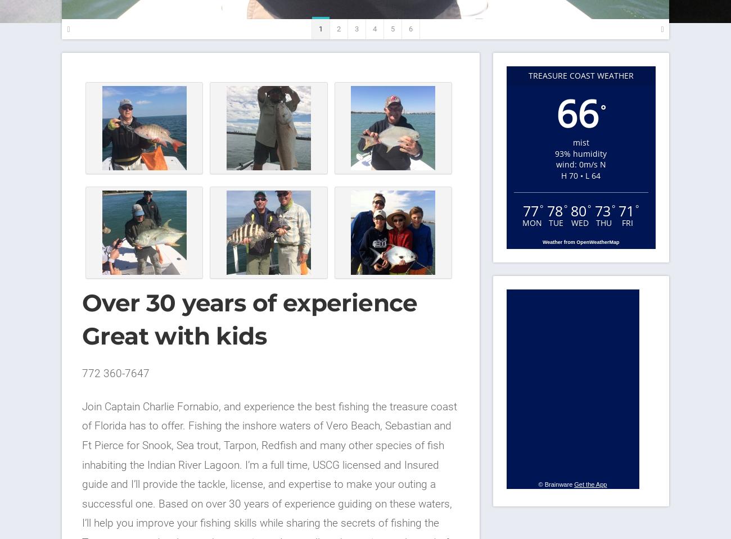 This screenshot has height=539, width=731. Describe the element at coordinates (603, 222) in the screenshot. I see `'Thu'` at that location.